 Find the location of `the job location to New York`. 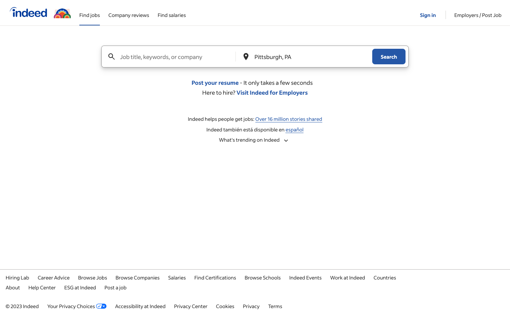

the job location to New York is located at coordinates (305, 57).